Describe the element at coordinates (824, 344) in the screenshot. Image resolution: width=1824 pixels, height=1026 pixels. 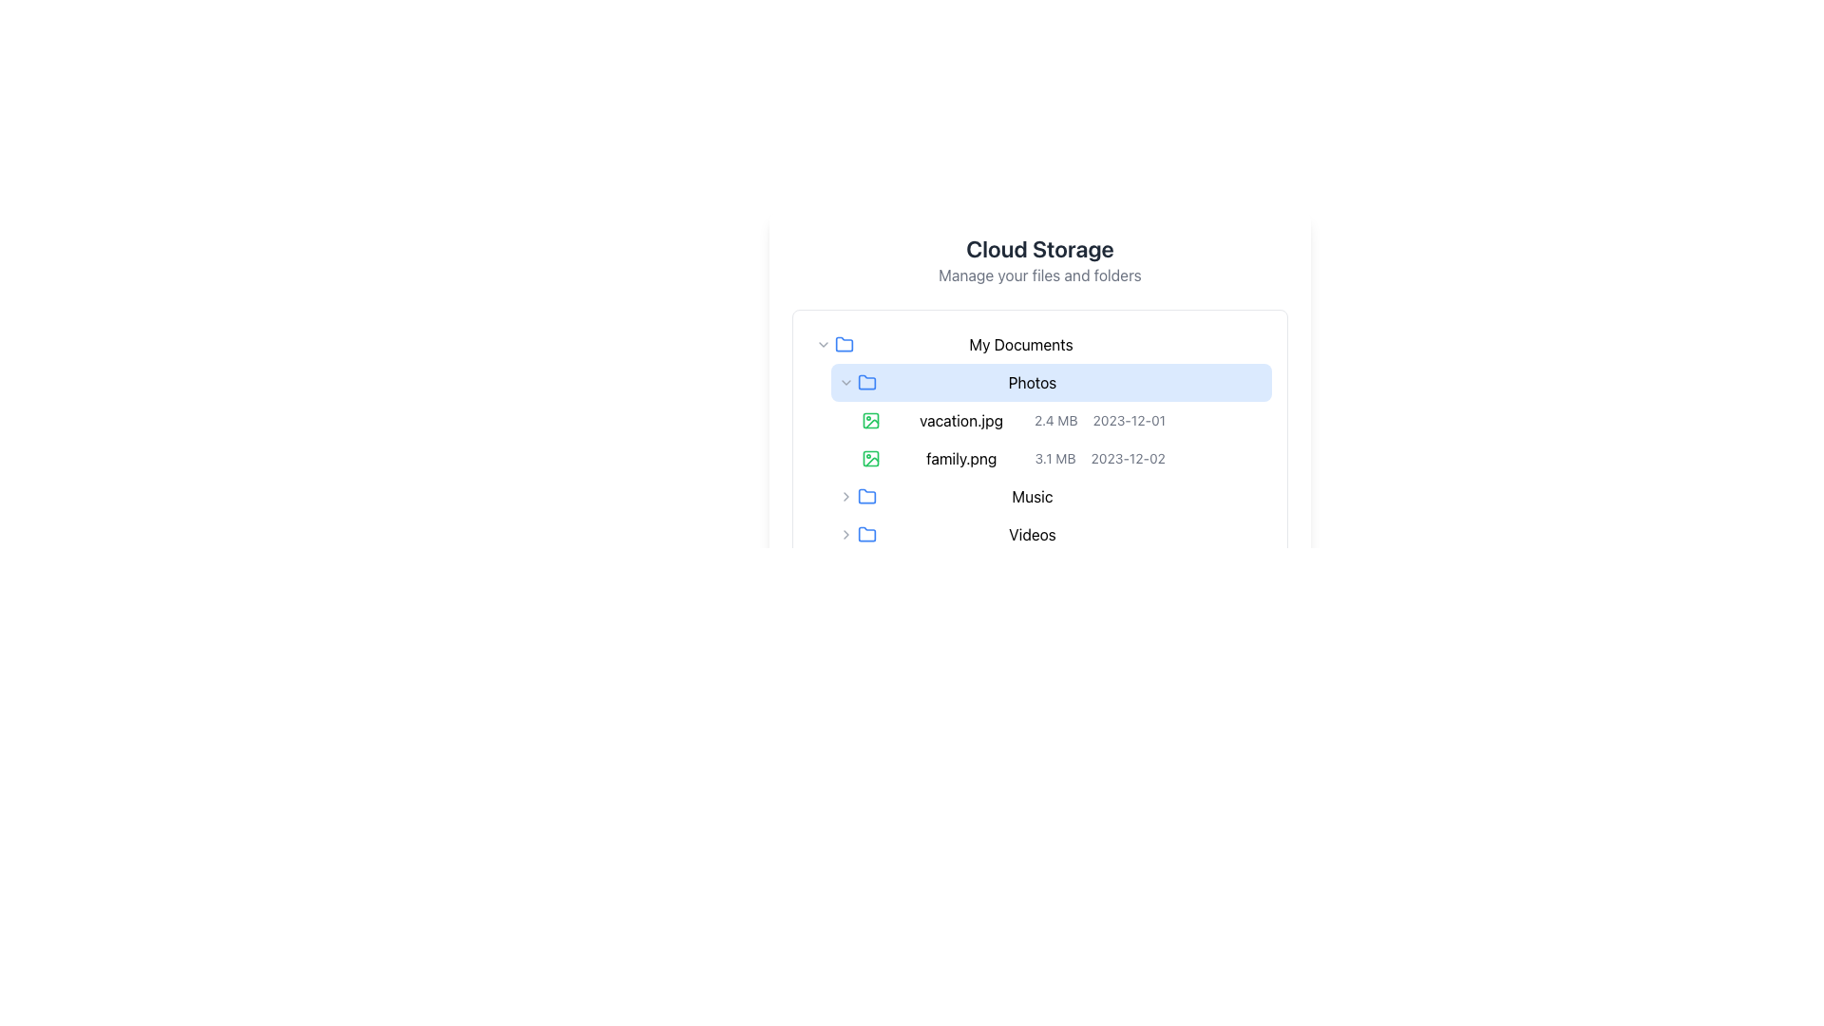
I see `the chevron-down icon, which is a small arrow pointing downwards with a thin, grey outline, located to the left of the 'My Documents' text` at that location.